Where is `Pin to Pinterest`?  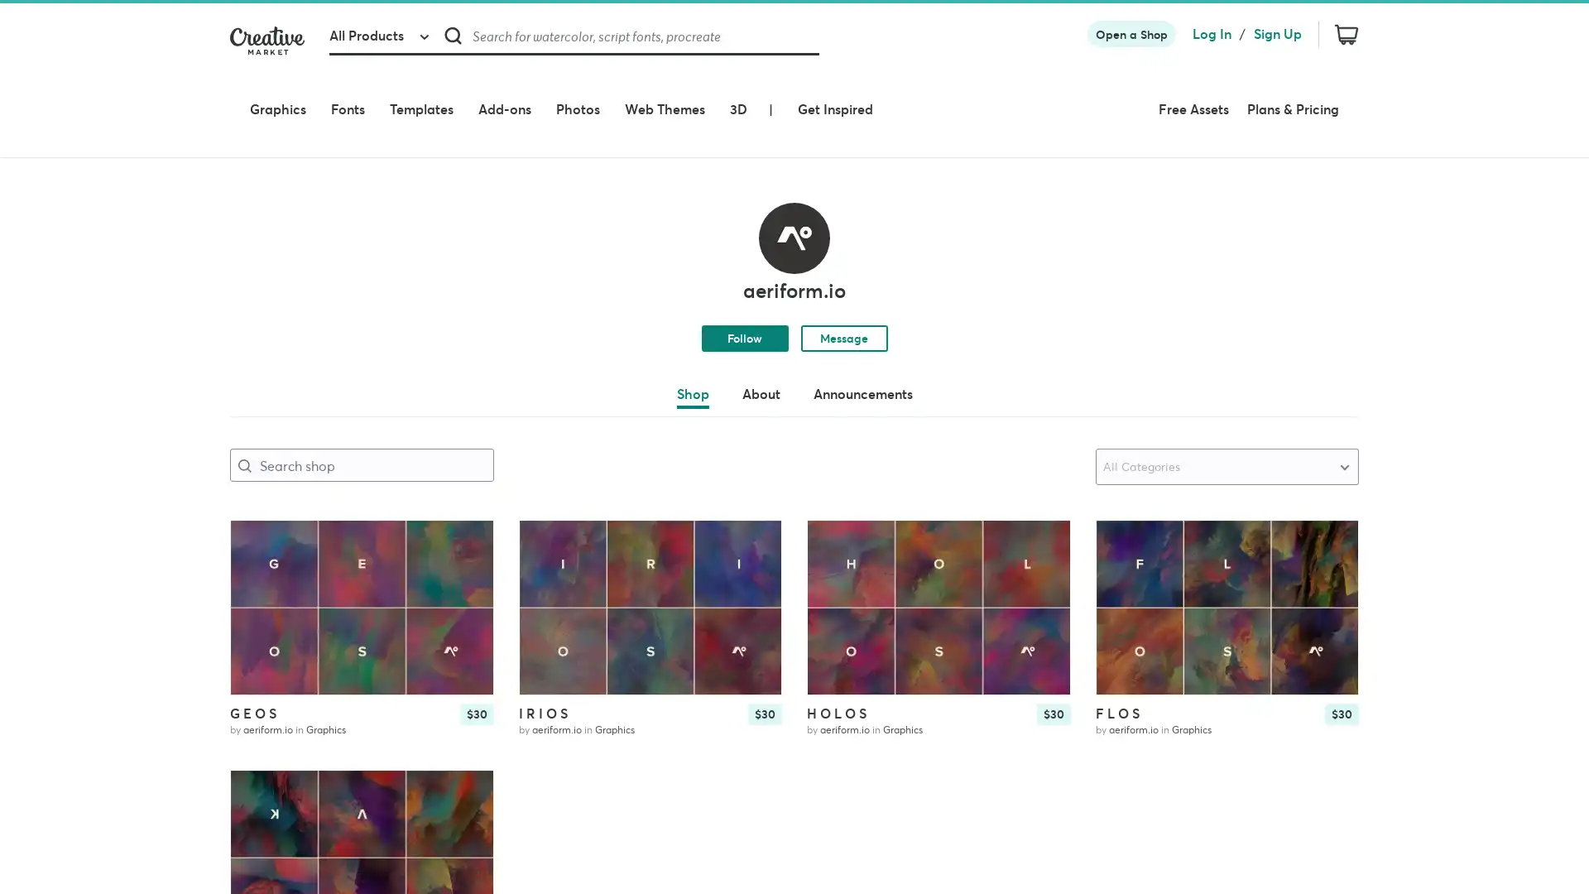 Pin to Pinterest is located at coordinates (1122, 487).